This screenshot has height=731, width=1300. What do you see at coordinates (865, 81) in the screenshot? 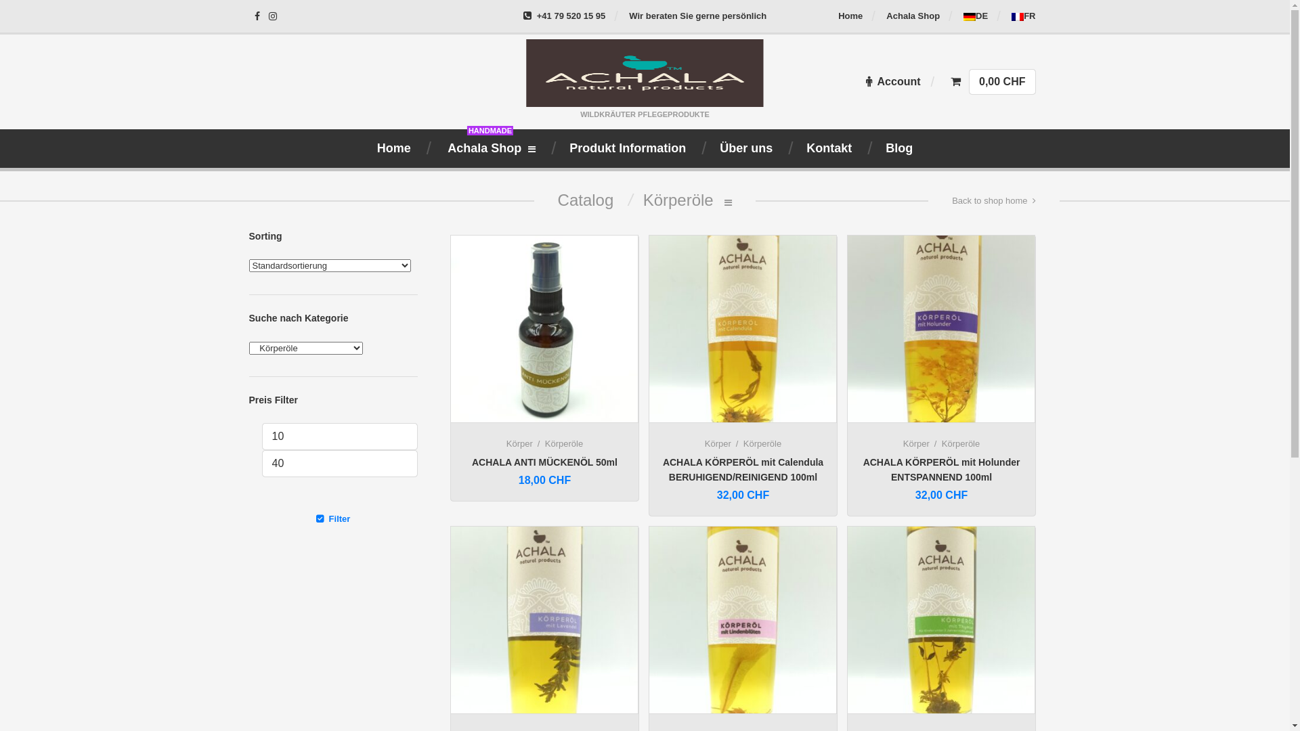
I see `'Account'` at bounding box center [865, 81].